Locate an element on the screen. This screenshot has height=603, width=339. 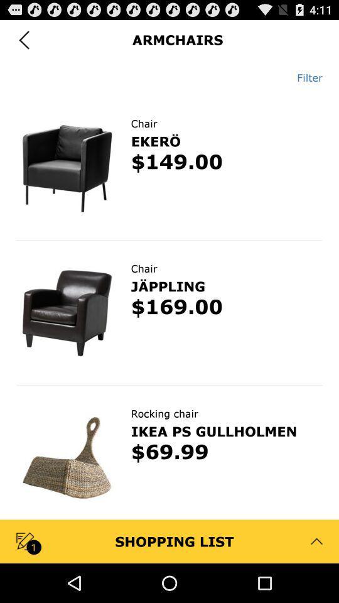
icon above $69.99 item is located at coordinates (213, 431).